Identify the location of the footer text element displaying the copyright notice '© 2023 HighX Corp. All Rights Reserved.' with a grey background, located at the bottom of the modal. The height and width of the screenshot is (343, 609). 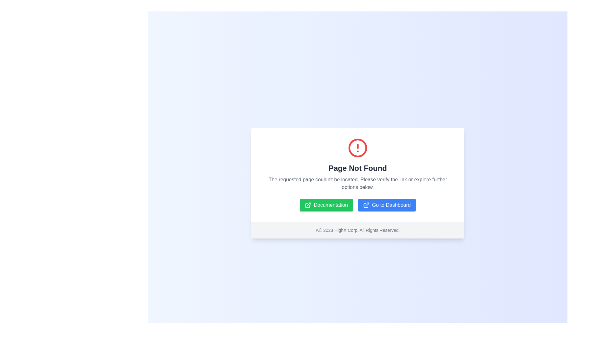
(358, 230).